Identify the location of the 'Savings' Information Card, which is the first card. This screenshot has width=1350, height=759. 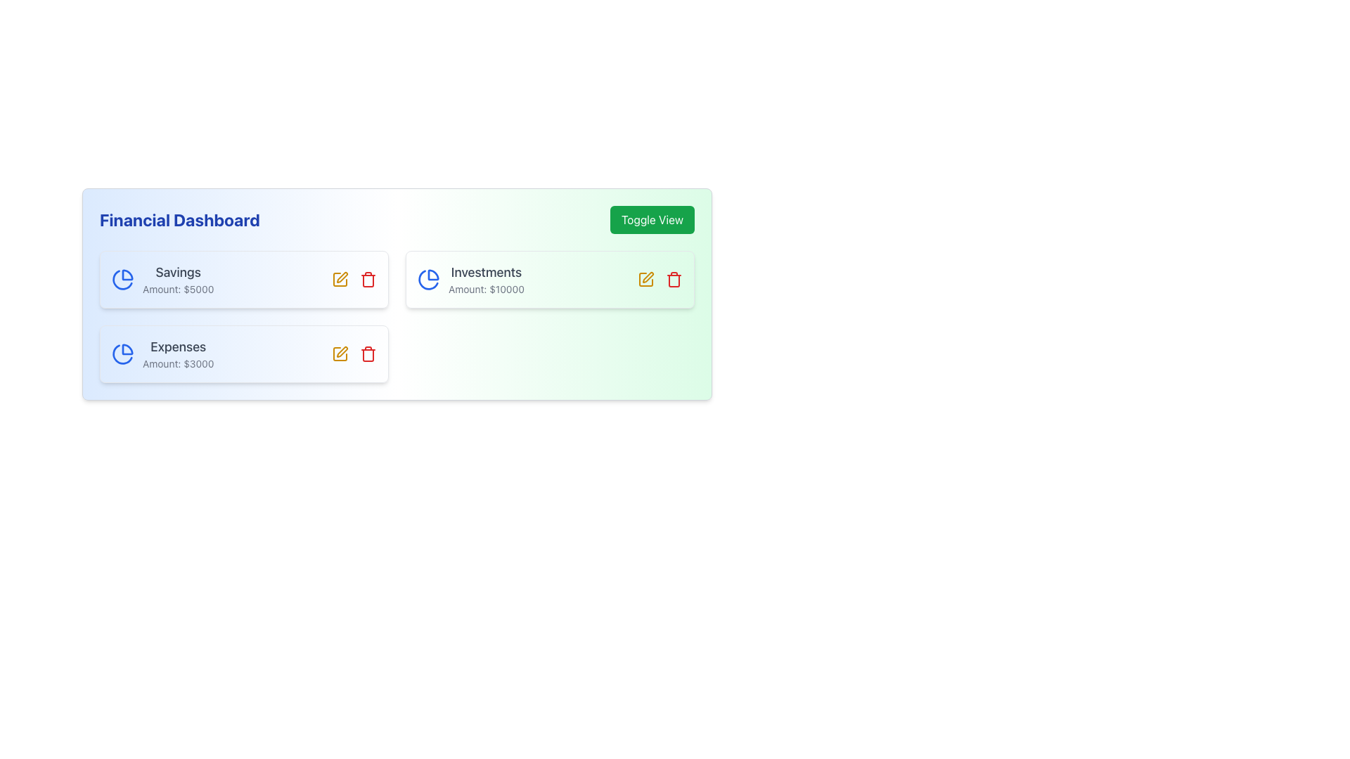
(244, 279).